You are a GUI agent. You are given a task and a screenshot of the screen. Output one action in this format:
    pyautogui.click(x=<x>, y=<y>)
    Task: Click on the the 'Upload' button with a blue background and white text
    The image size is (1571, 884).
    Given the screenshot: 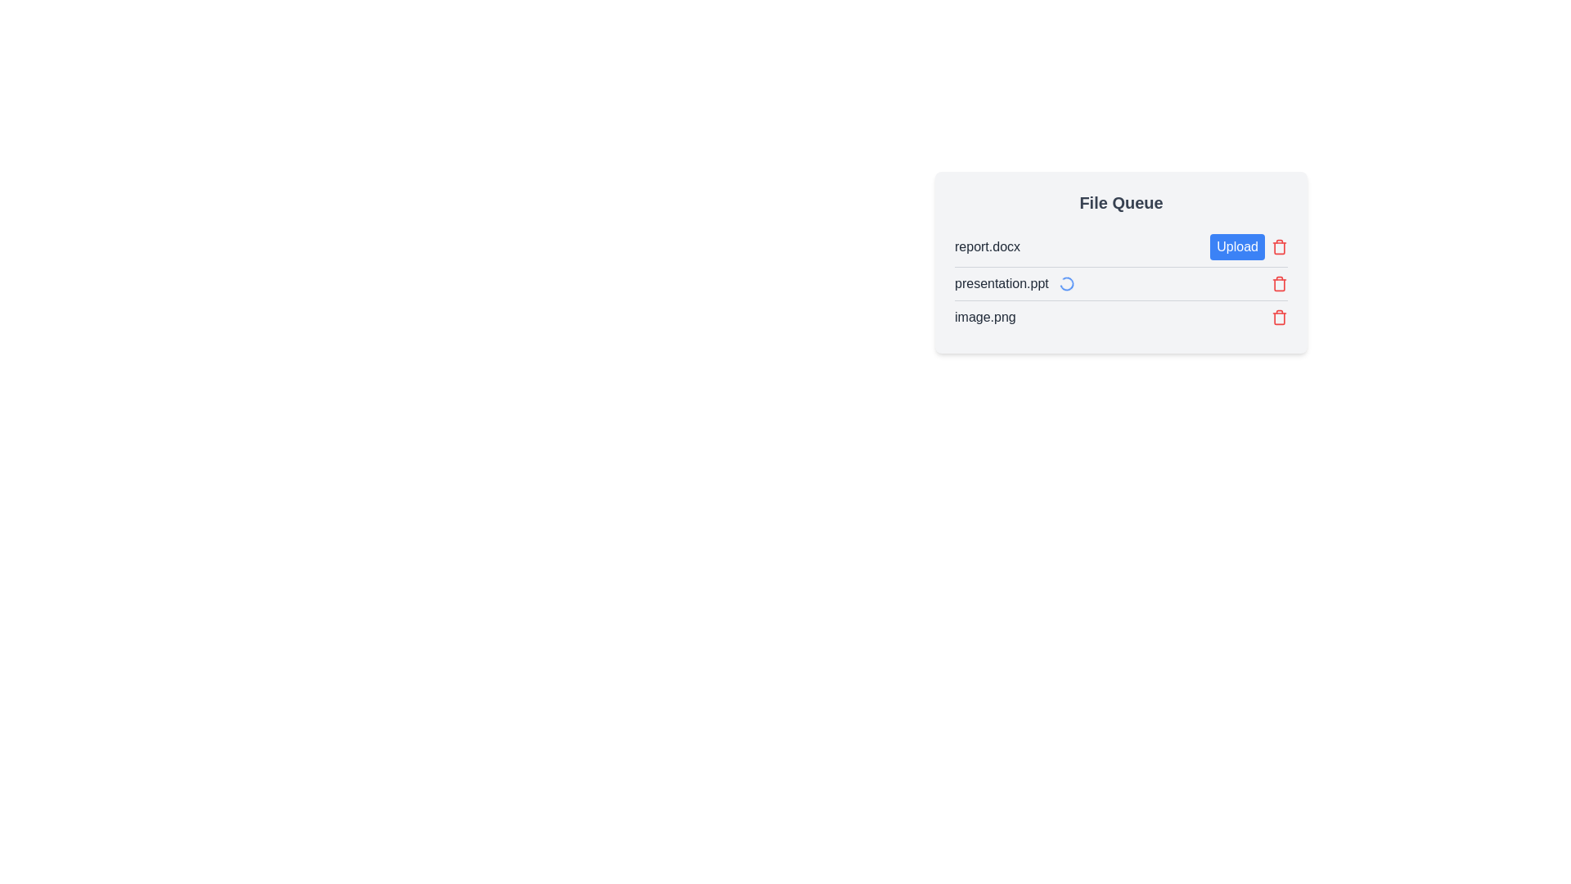 What is the action you would take?
    pyautogui.click(x=1237, y=246)
    